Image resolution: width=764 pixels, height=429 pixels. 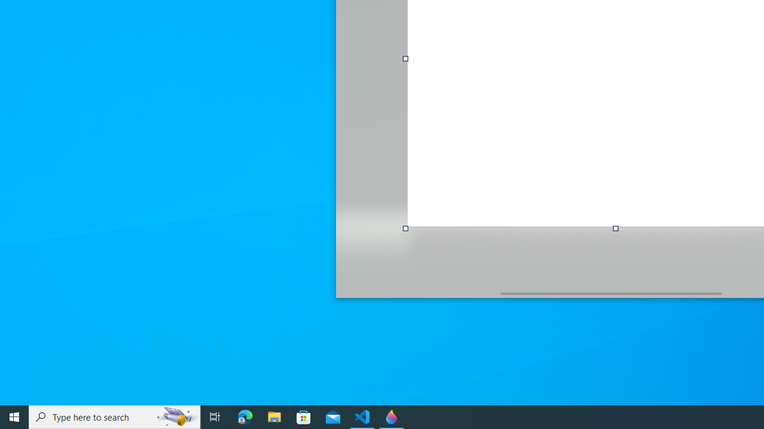 I want to click on 'Visual Studio Code - 1 running window', so click(x=362, y=416).